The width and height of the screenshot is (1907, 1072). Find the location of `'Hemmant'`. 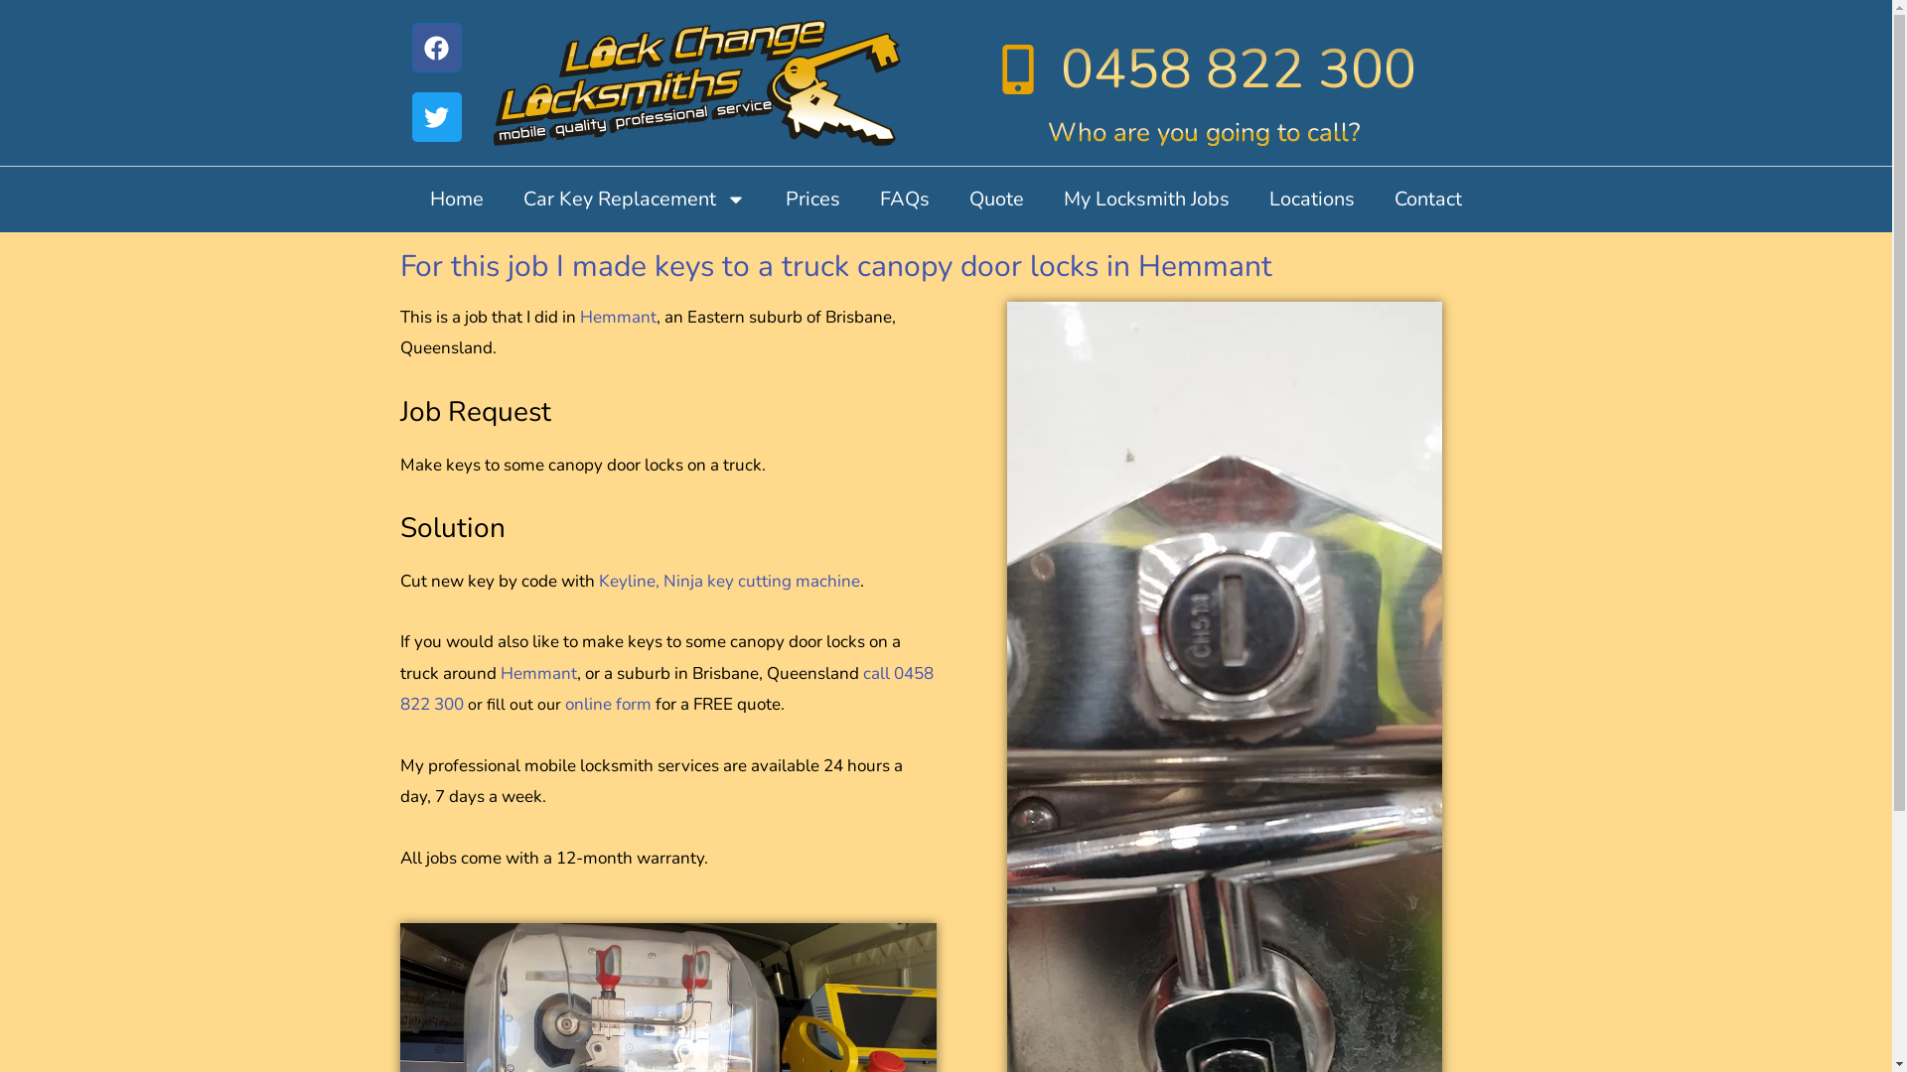

'Hemmant' is located at coordinates (538, 672).